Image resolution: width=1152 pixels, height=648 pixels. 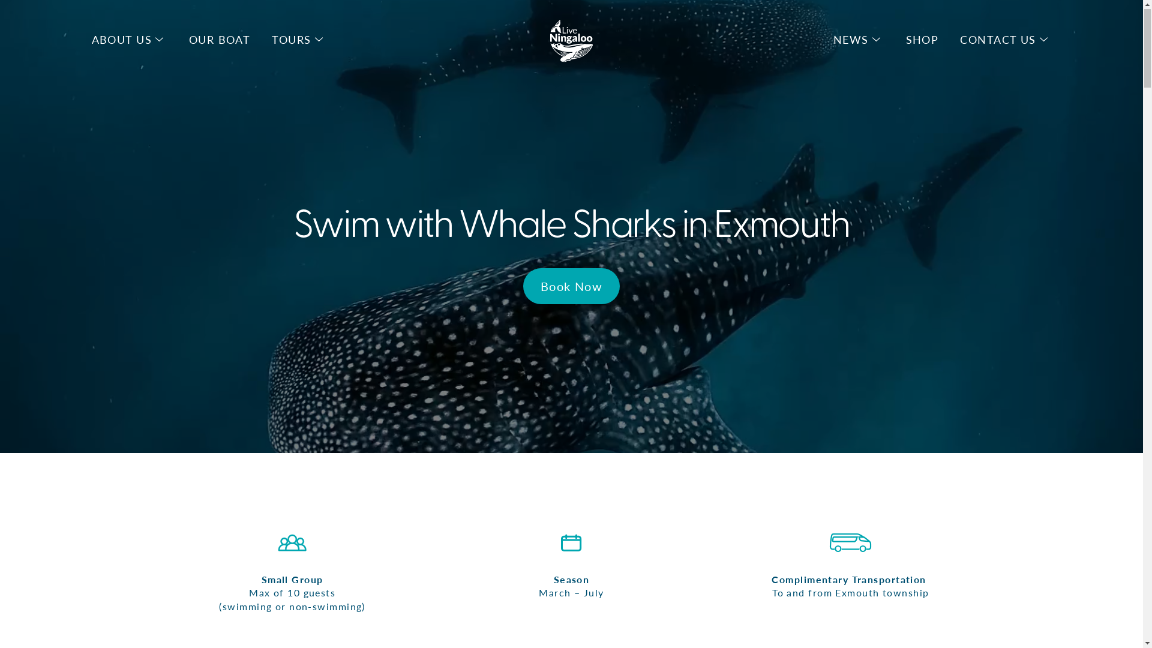 I want to click on 'CONTACT US', so click(x=997, y=39).